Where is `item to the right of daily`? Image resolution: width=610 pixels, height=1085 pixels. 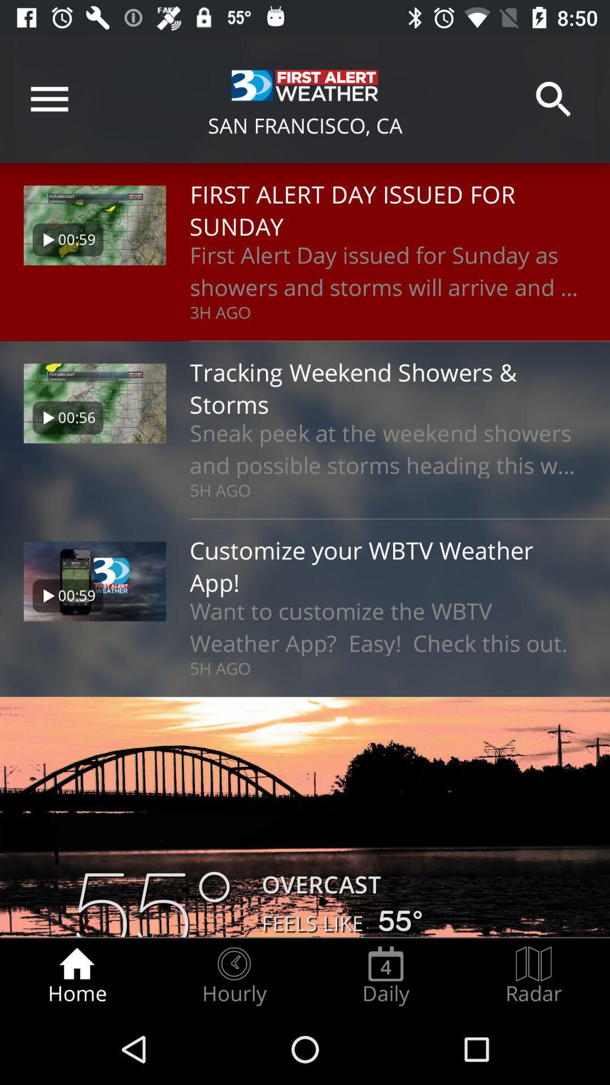
item to the right of daily is located at coordinates (534, 975).